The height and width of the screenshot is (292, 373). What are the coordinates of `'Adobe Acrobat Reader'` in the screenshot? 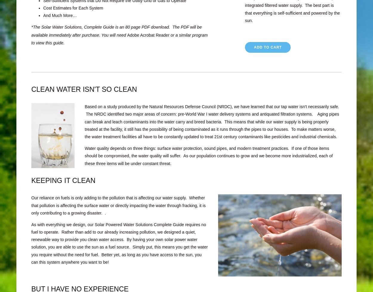 It's located at (148, 35).